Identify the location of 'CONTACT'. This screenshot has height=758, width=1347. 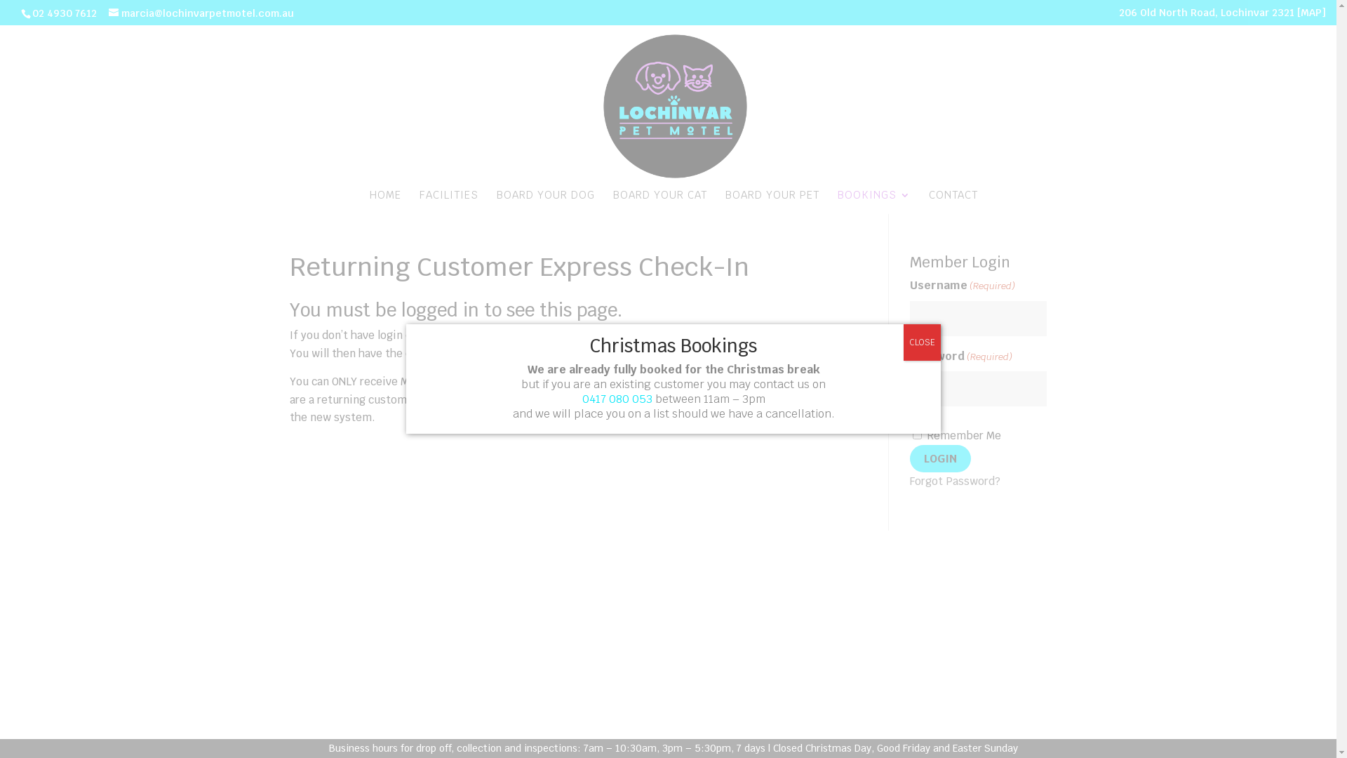
(953, 202).